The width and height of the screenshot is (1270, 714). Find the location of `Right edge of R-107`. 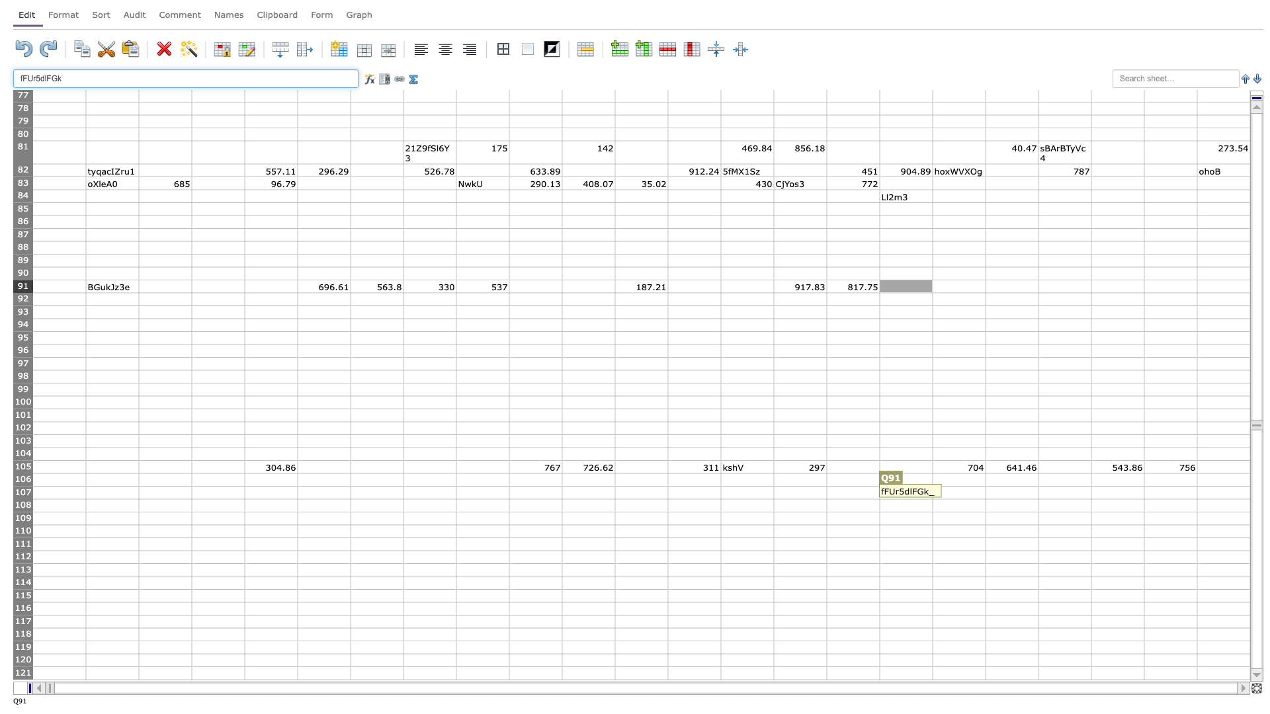

Right edge of R-107 is located at coordinates (985, 493).